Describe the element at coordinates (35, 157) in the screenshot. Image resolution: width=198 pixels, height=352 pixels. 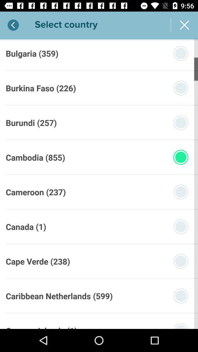
I see `the cambodia (855) icon` at that location.